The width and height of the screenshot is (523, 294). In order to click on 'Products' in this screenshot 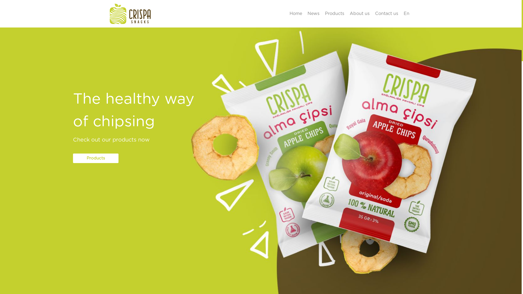, I will do `click(96, 158)`.